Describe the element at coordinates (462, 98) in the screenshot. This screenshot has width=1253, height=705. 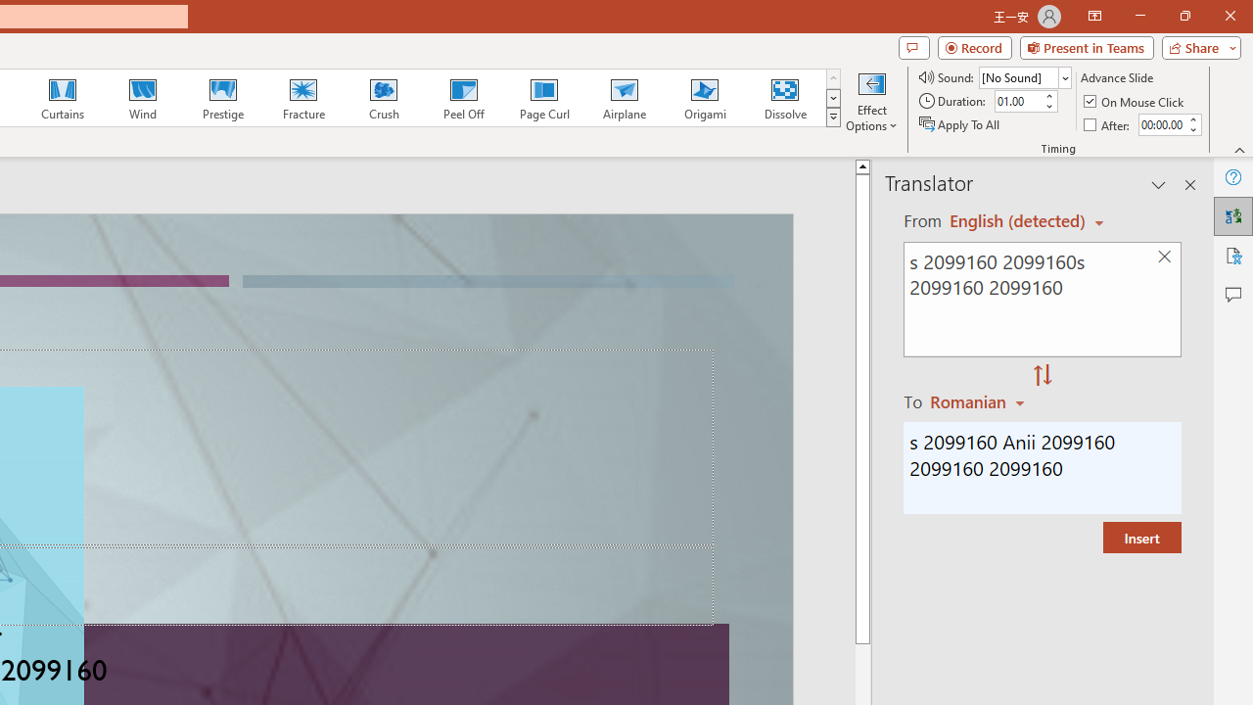
I see `'Peel Off'` at that location.